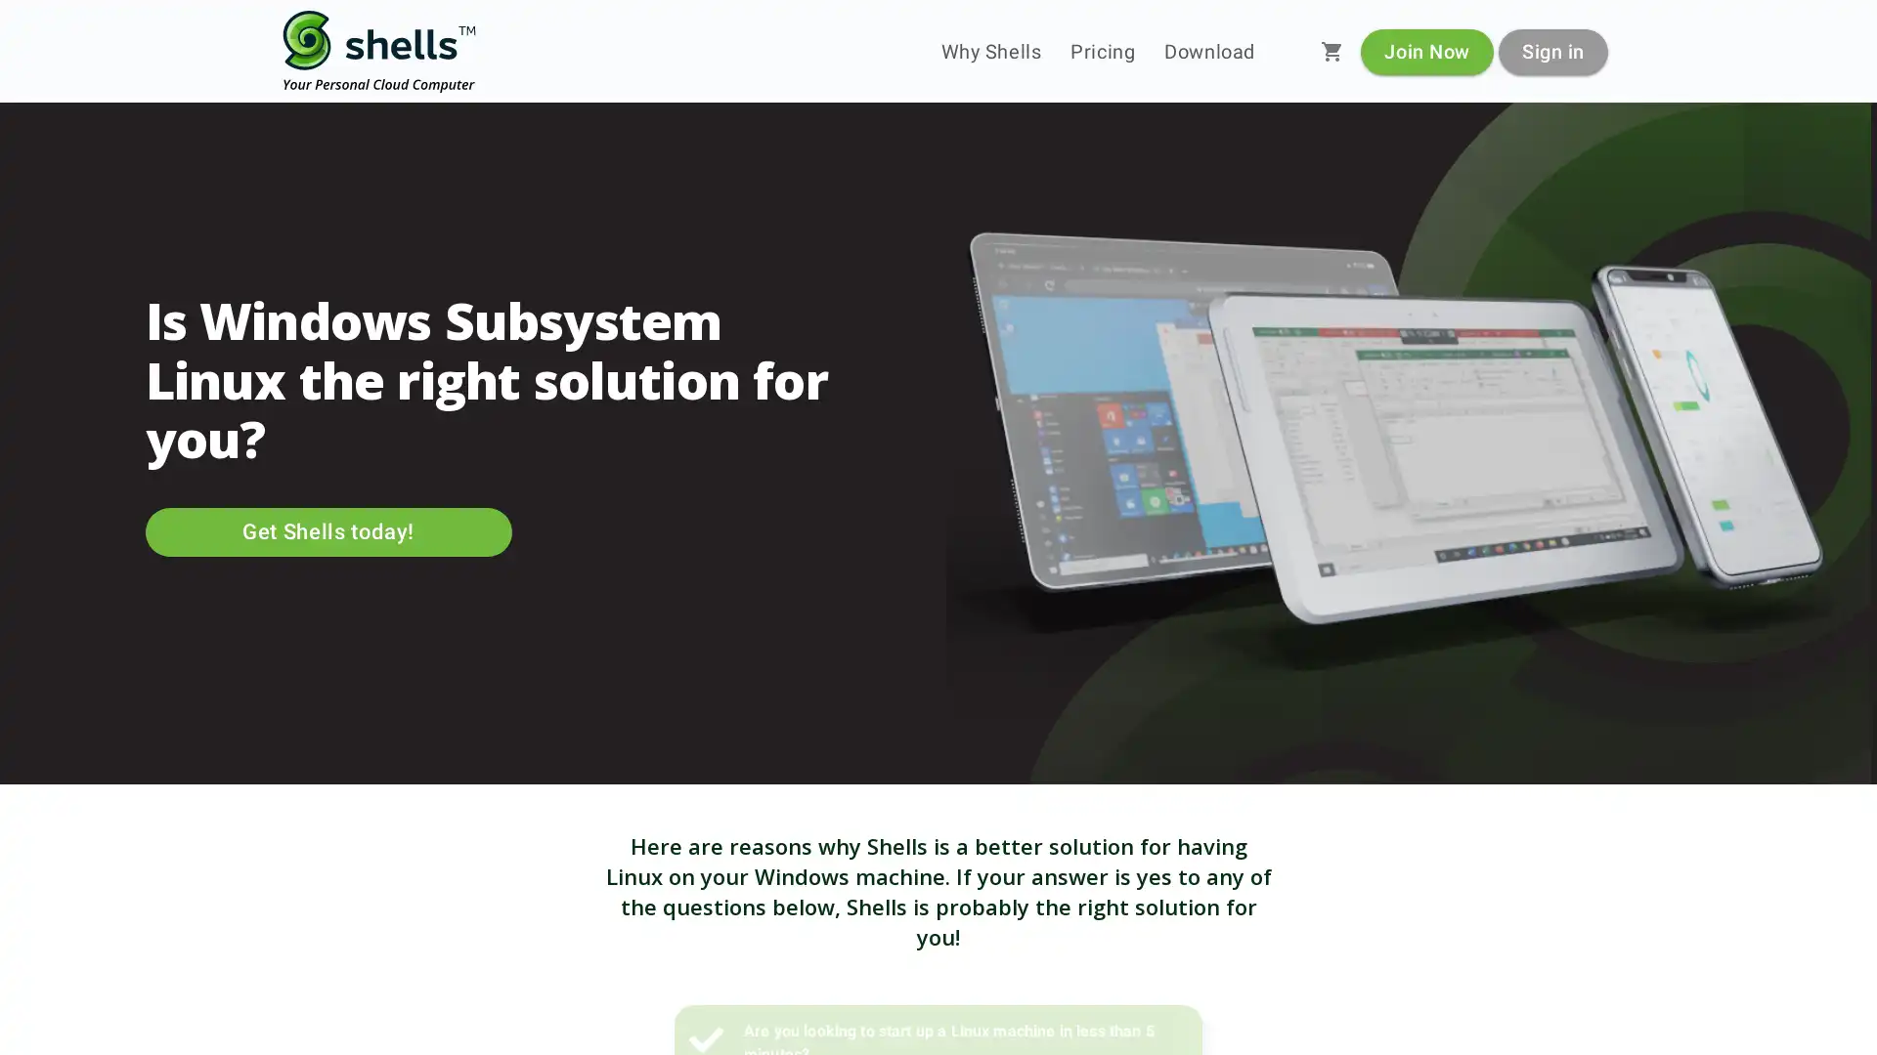 This screenshot has width=1877, height=1055. Describe the element at coordinates (990, 51) in the screenshot. I see `Why Shells` at that location.